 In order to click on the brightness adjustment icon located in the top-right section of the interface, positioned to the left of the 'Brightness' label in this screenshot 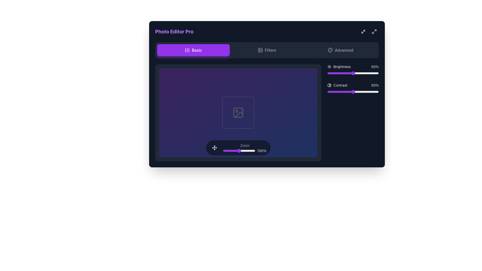, I will do `click(329, 66)`.